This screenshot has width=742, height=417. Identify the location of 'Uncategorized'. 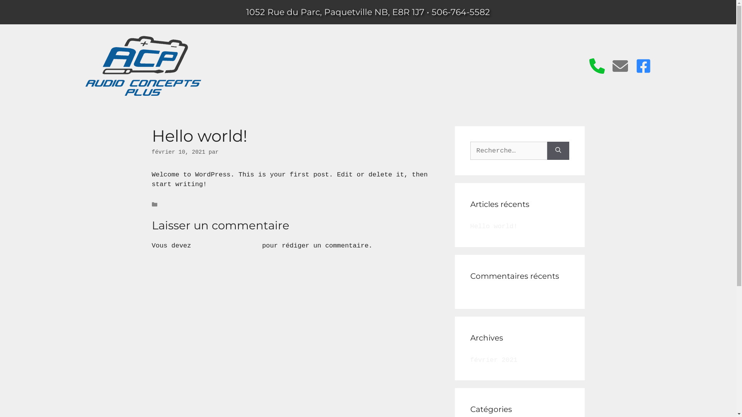
(160, 204).